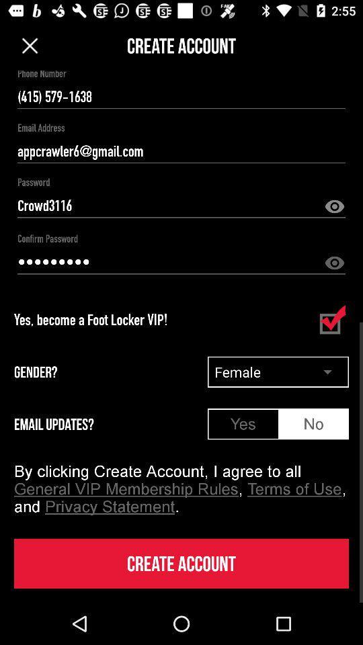 The image size is (363, 645). What do you see at coordinates (333, 207) in the screenshot?
I see `password view` at bounding box center [333, 207].